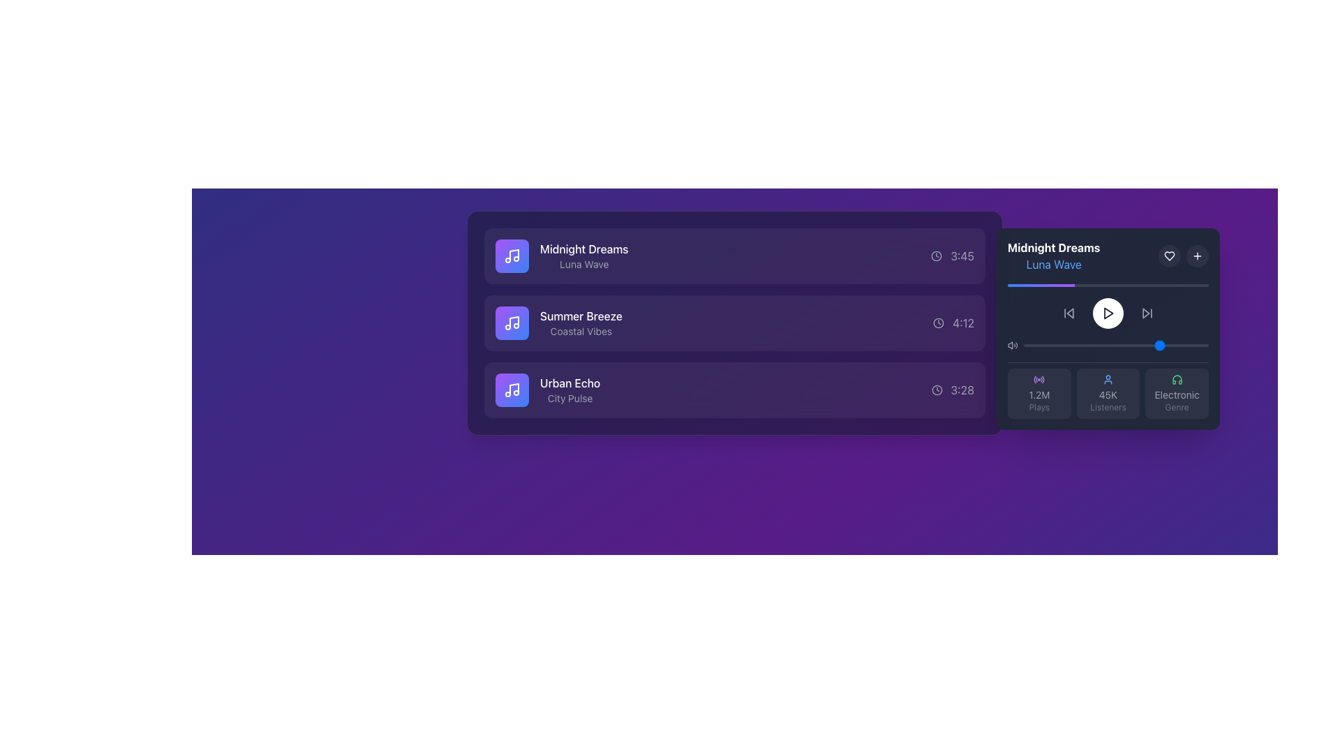 Image resolution: width=1340 pixels, height=754 pixels. Describe the element at coordinates (1197, 256) in the screenshot. I see `the plus icon button located in the top-right corner of the music player controls section` at that location.